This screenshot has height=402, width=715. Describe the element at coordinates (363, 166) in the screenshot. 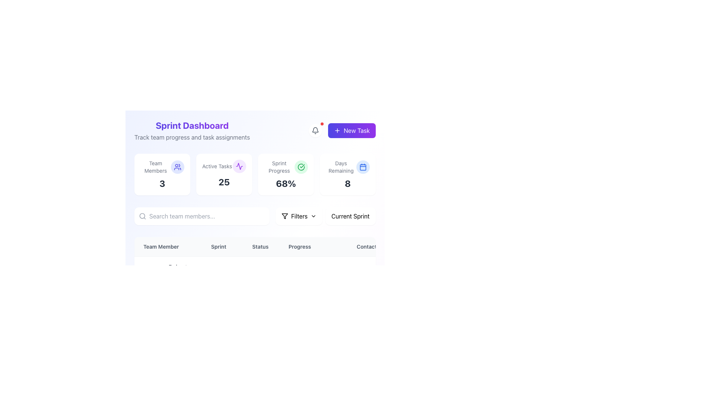

I see `the calendar icon represented by the SVG rectangle shape, which is part of the visual representation of the calendar icon located to the right of the dashboard header section` at that location.